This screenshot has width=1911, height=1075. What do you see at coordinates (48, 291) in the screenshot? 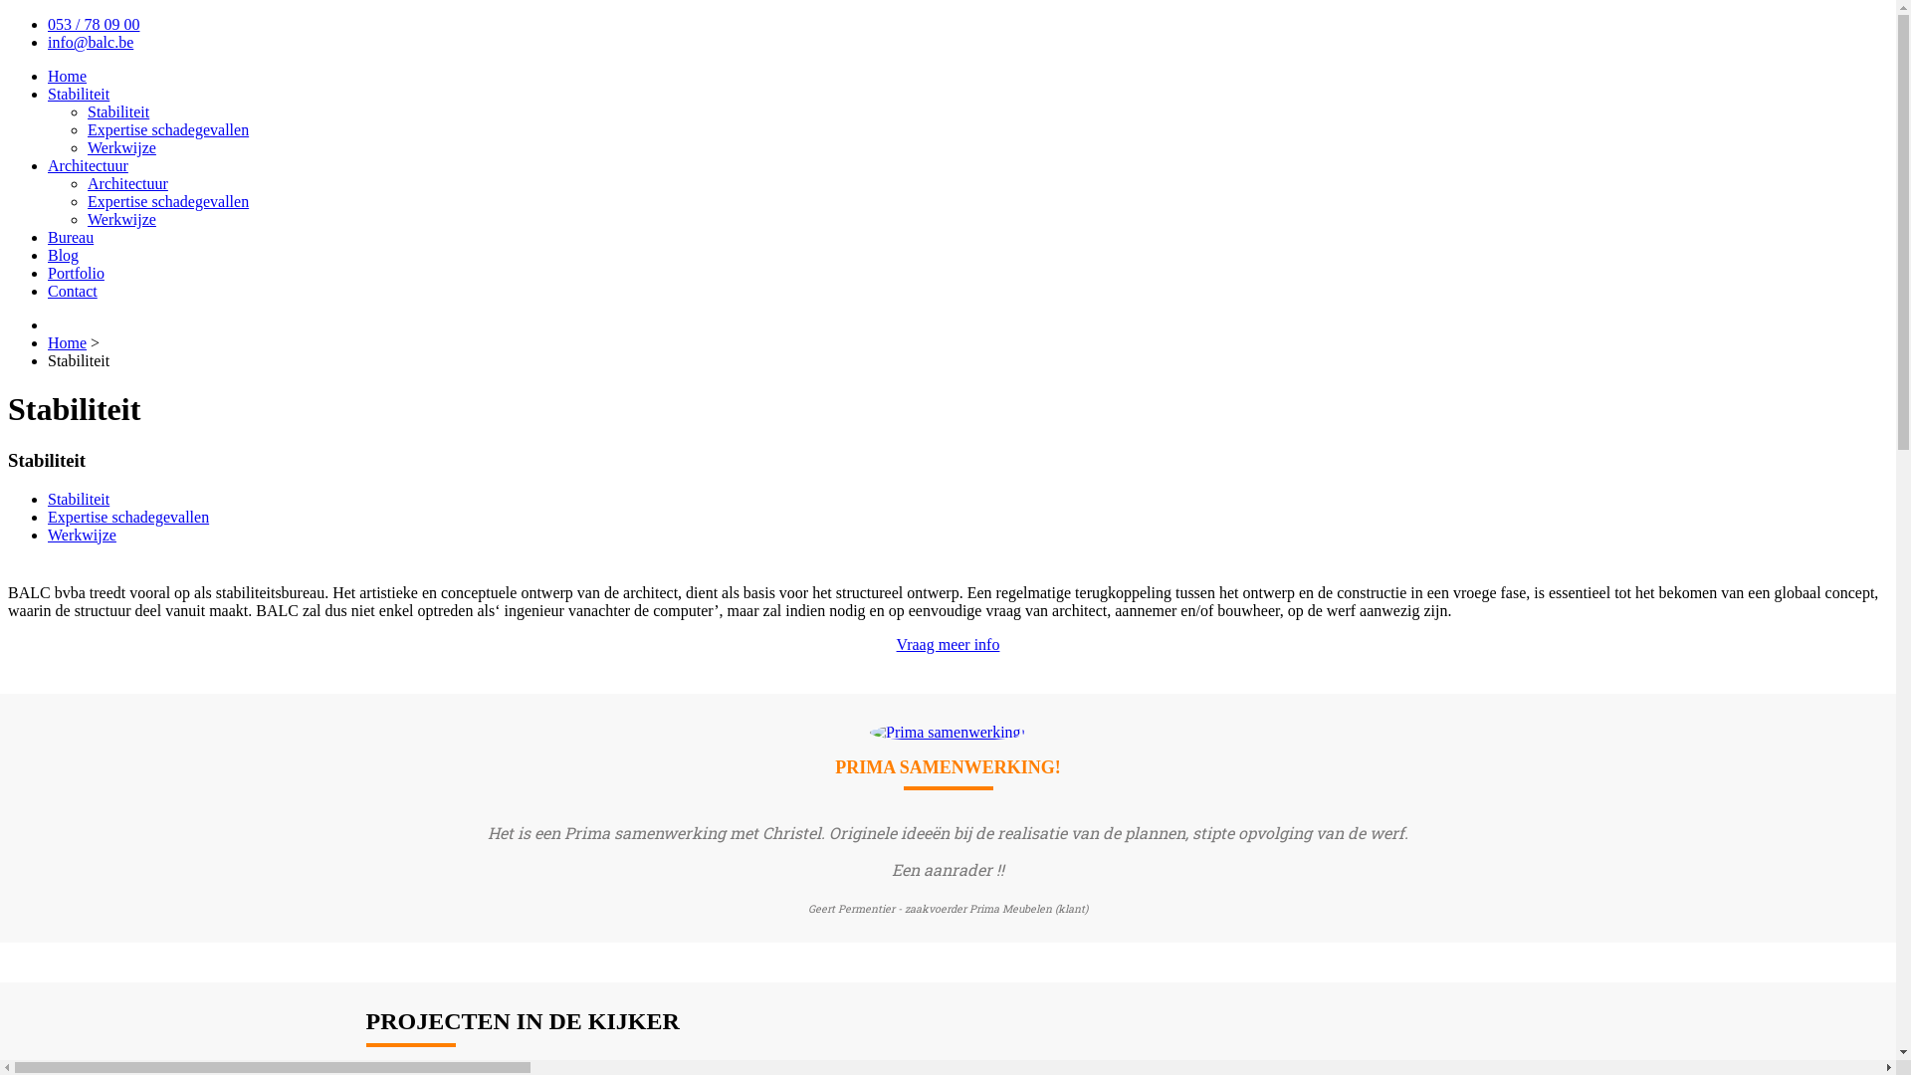
I see `'Contact'` at bounding box center [48, 291].